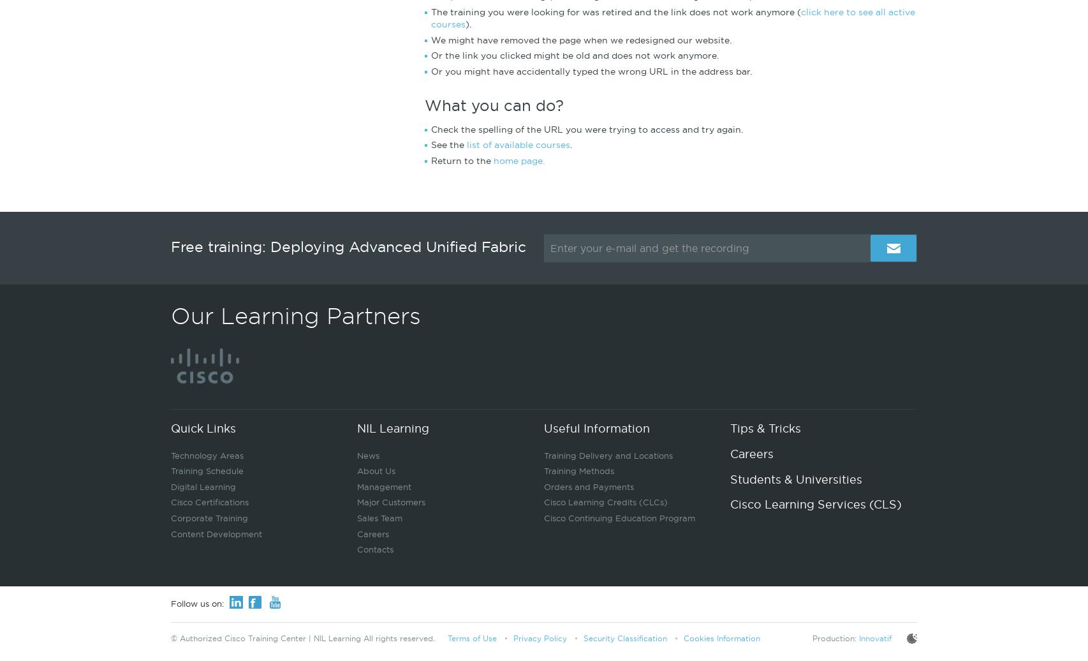  Describe the element at coordinates (375, 471) in the screenshot. I see `'About Us'` at that location.